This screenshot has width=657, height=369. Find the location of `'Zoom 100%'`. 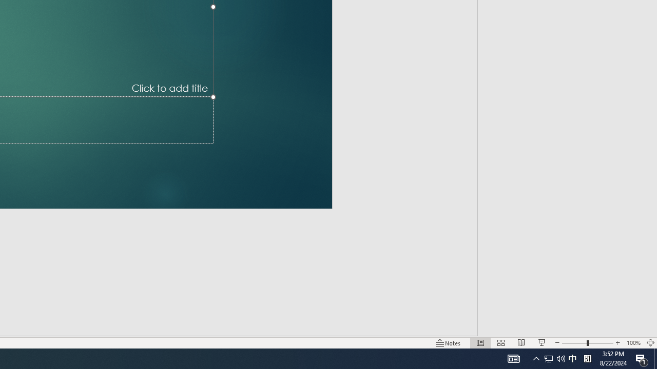

'Zoom 100%' is located at coordinates (633, 343).